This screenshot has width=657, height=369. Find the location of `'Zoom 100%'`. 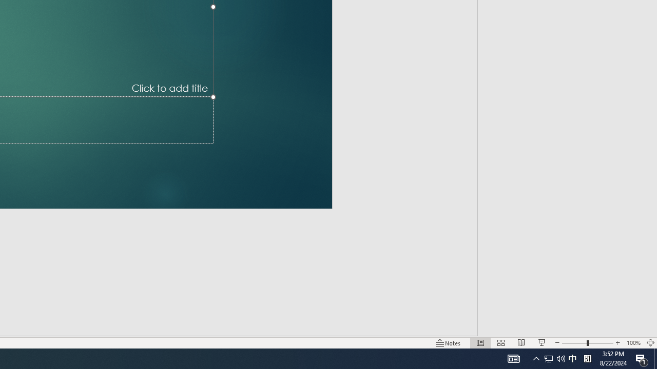

'Zoom 100%' is located at coordinates (633, 343).